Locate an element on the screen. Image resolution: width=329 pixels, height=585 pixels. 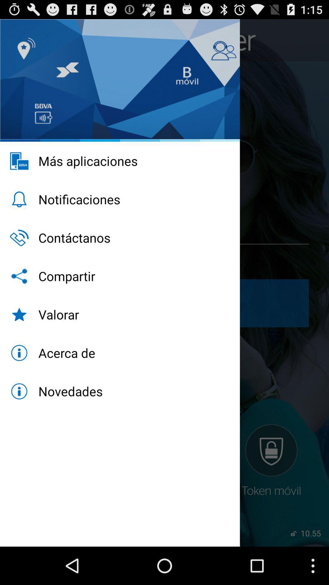
the location icon is located at coordinates (17, 43).